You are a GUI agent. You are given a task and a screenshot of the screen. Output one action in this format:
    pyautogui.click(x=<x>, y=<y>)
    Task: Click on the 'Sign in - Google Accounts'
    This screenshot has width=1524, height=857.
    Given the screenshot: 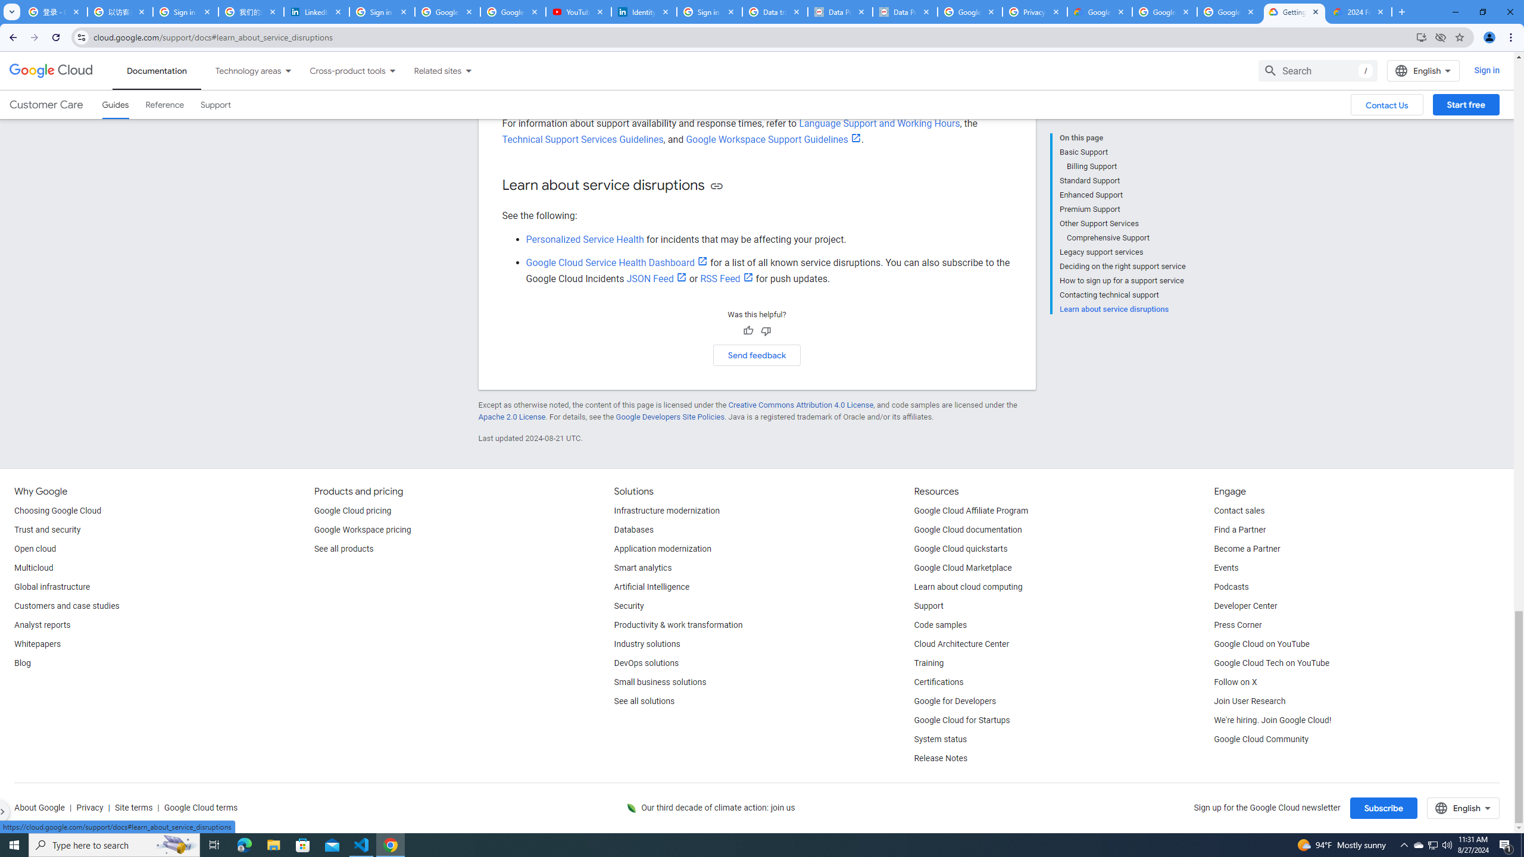 What is the action you would take?
    pyautogui.click(x=709, y=11)
    